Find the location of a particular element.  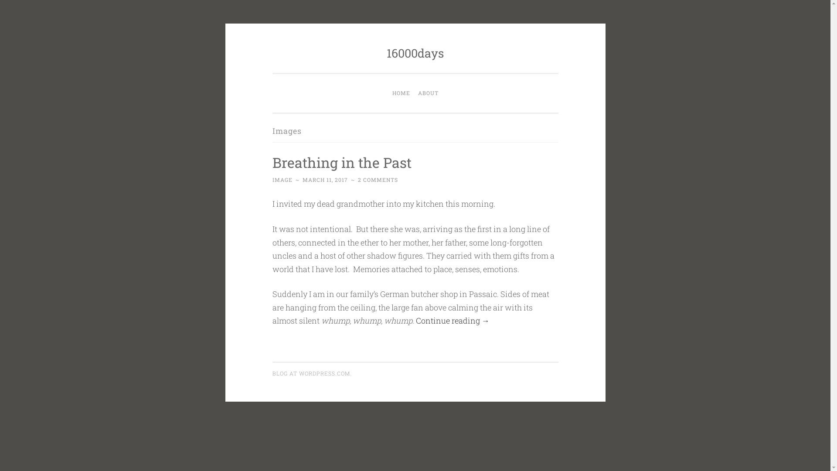

'IMAGE' is located at coordinates (272, 179).